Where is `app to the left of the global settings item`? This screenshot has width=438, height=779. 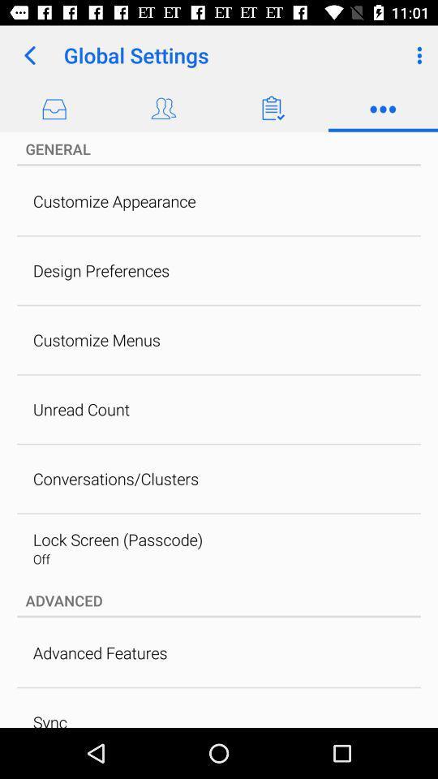
app to the left of the global settings item is located at coordinates (29, 55).